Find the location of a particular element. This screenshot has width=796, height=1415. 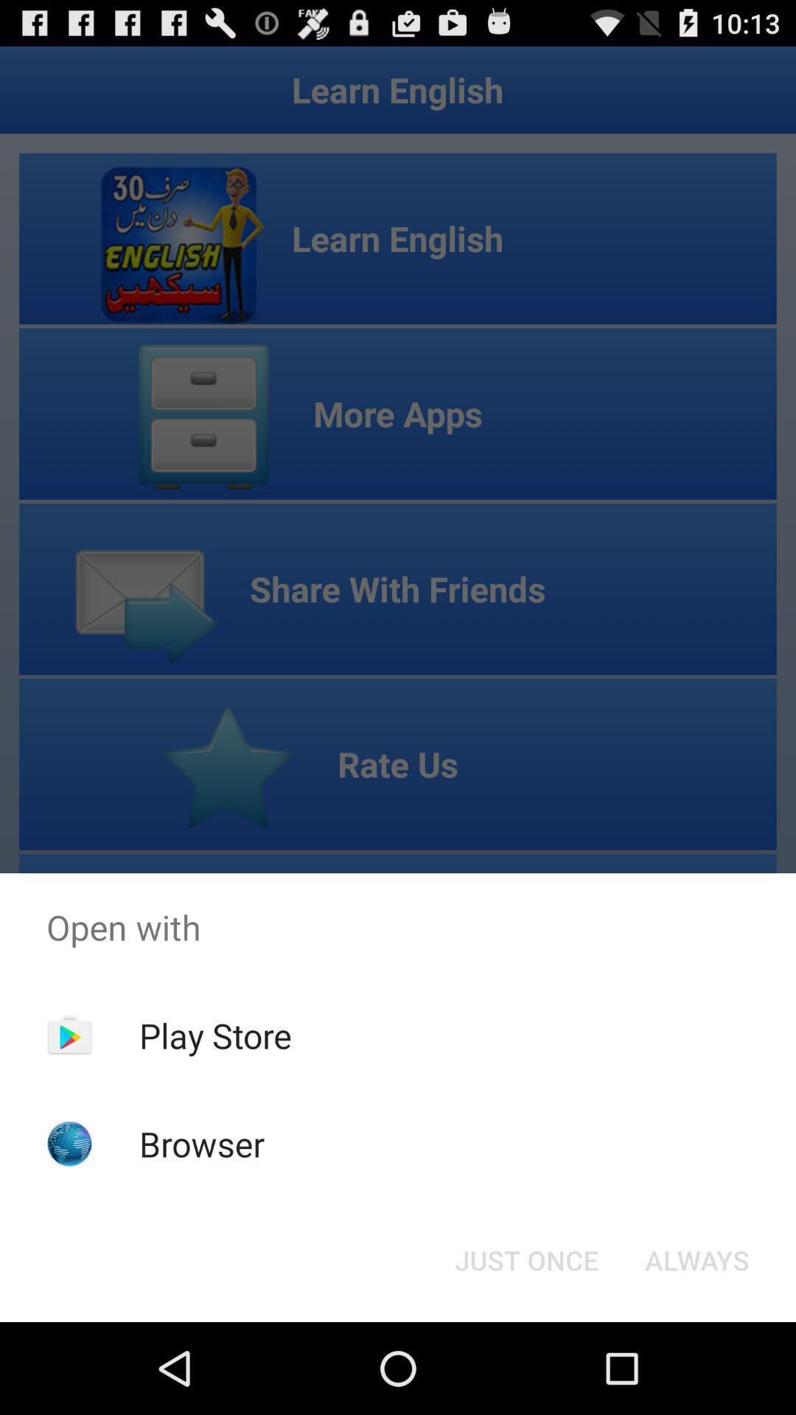

the item below the open with app is located at coordinates (696, 1259).